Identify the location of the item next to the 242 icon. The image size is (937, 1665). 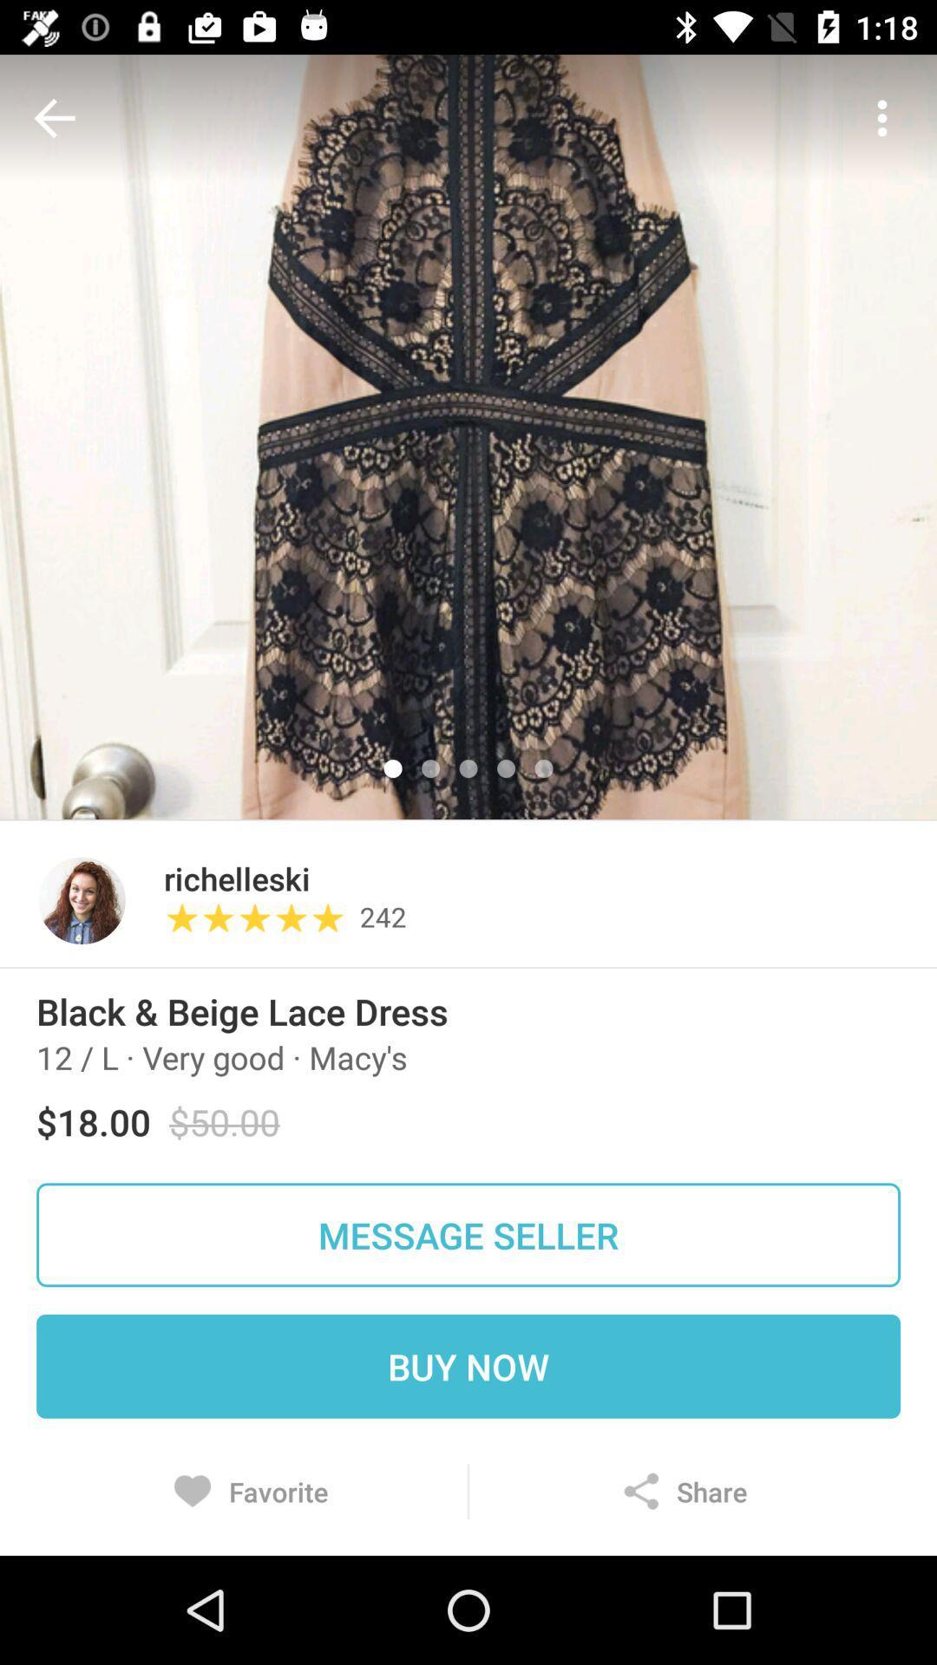
(237, 878).